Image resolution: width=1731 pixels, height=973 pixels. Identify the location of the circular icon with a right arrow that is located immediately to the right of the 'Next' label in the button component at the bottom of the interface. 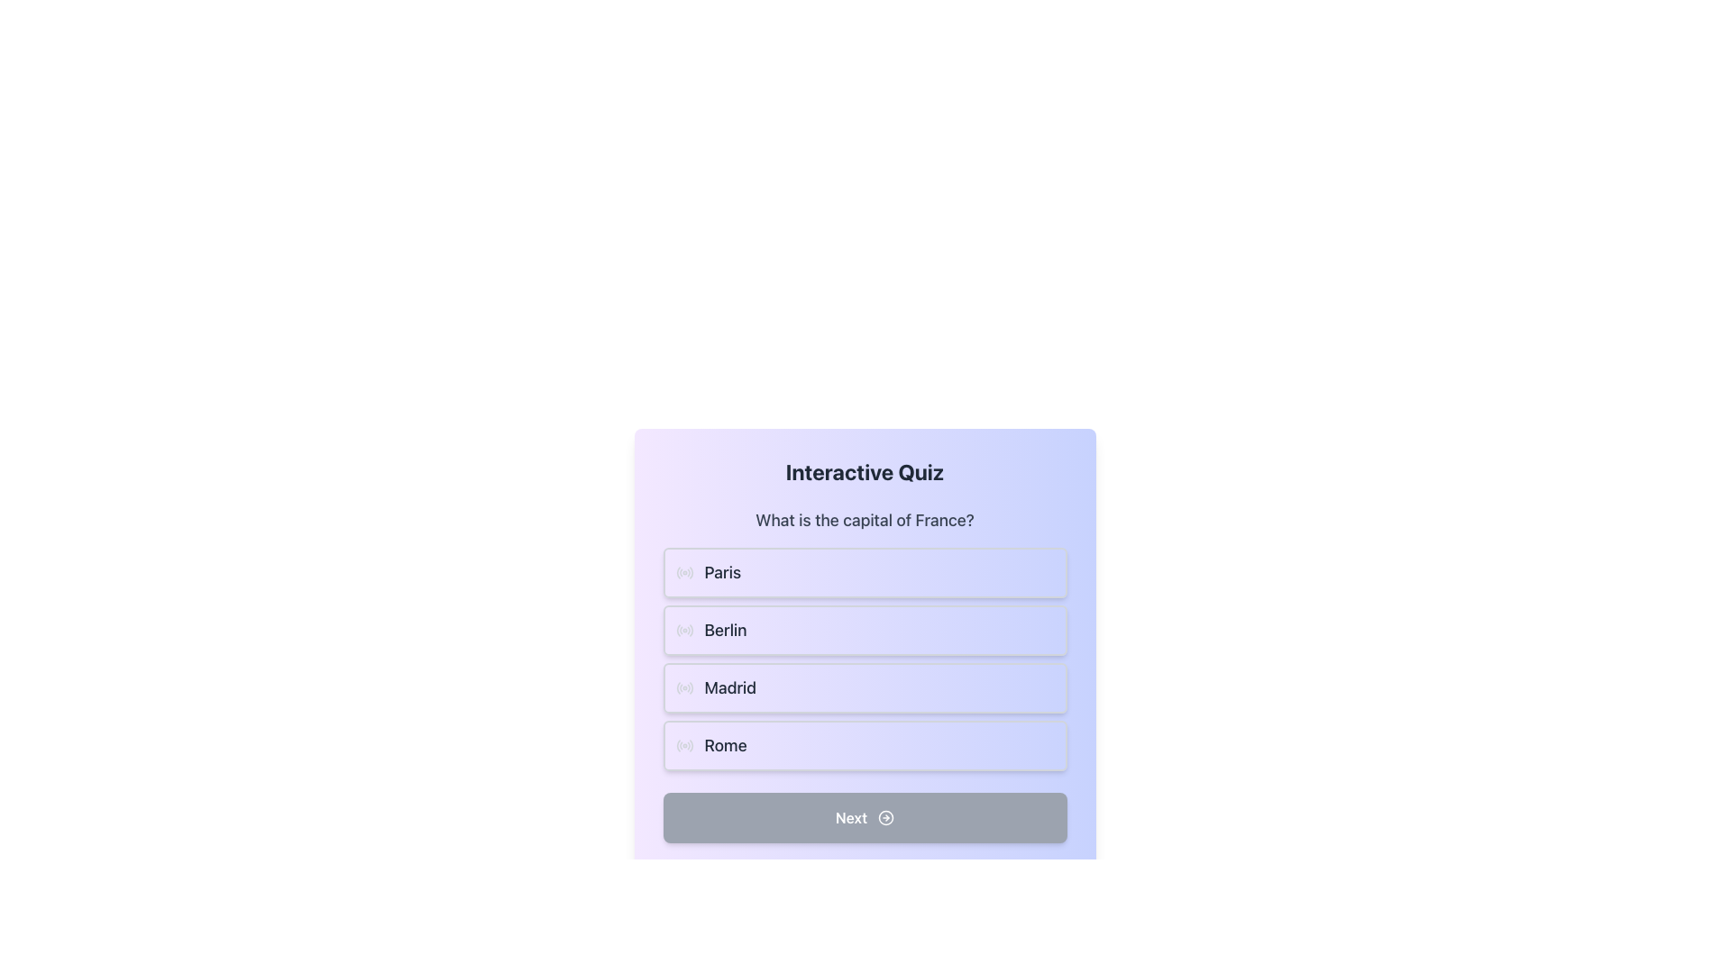
(886, 817).